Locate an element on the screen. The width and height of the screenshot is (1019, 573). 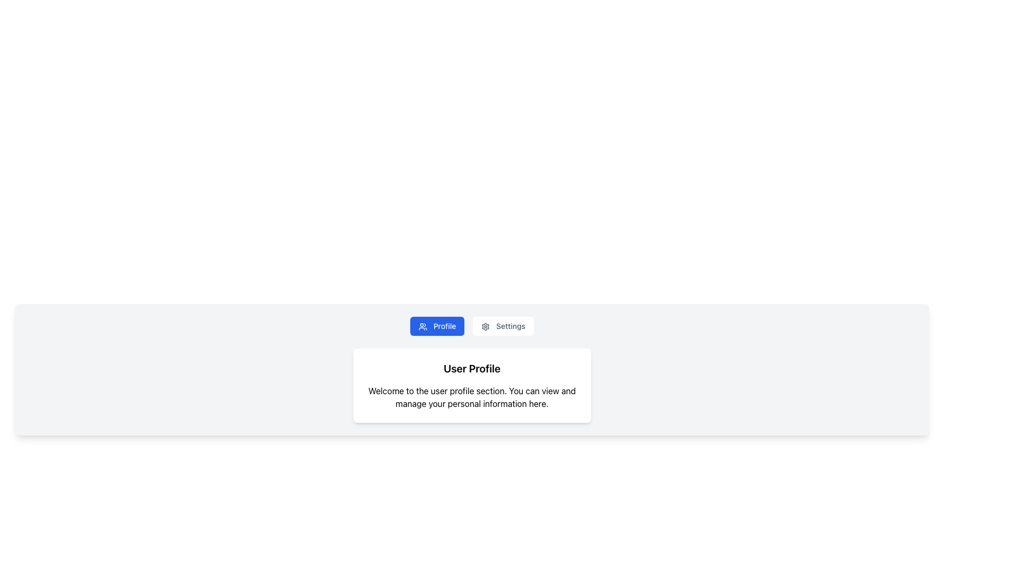
the gear icon representing settings, located to the left of the 'Settings' button text is located at coordinates (485, 326).